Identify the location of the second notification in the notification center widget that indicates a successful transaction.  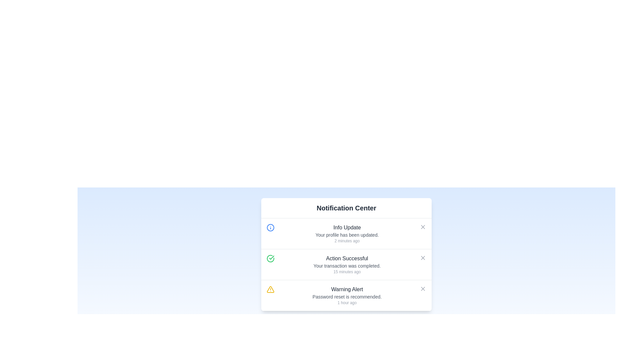
(346, 264).